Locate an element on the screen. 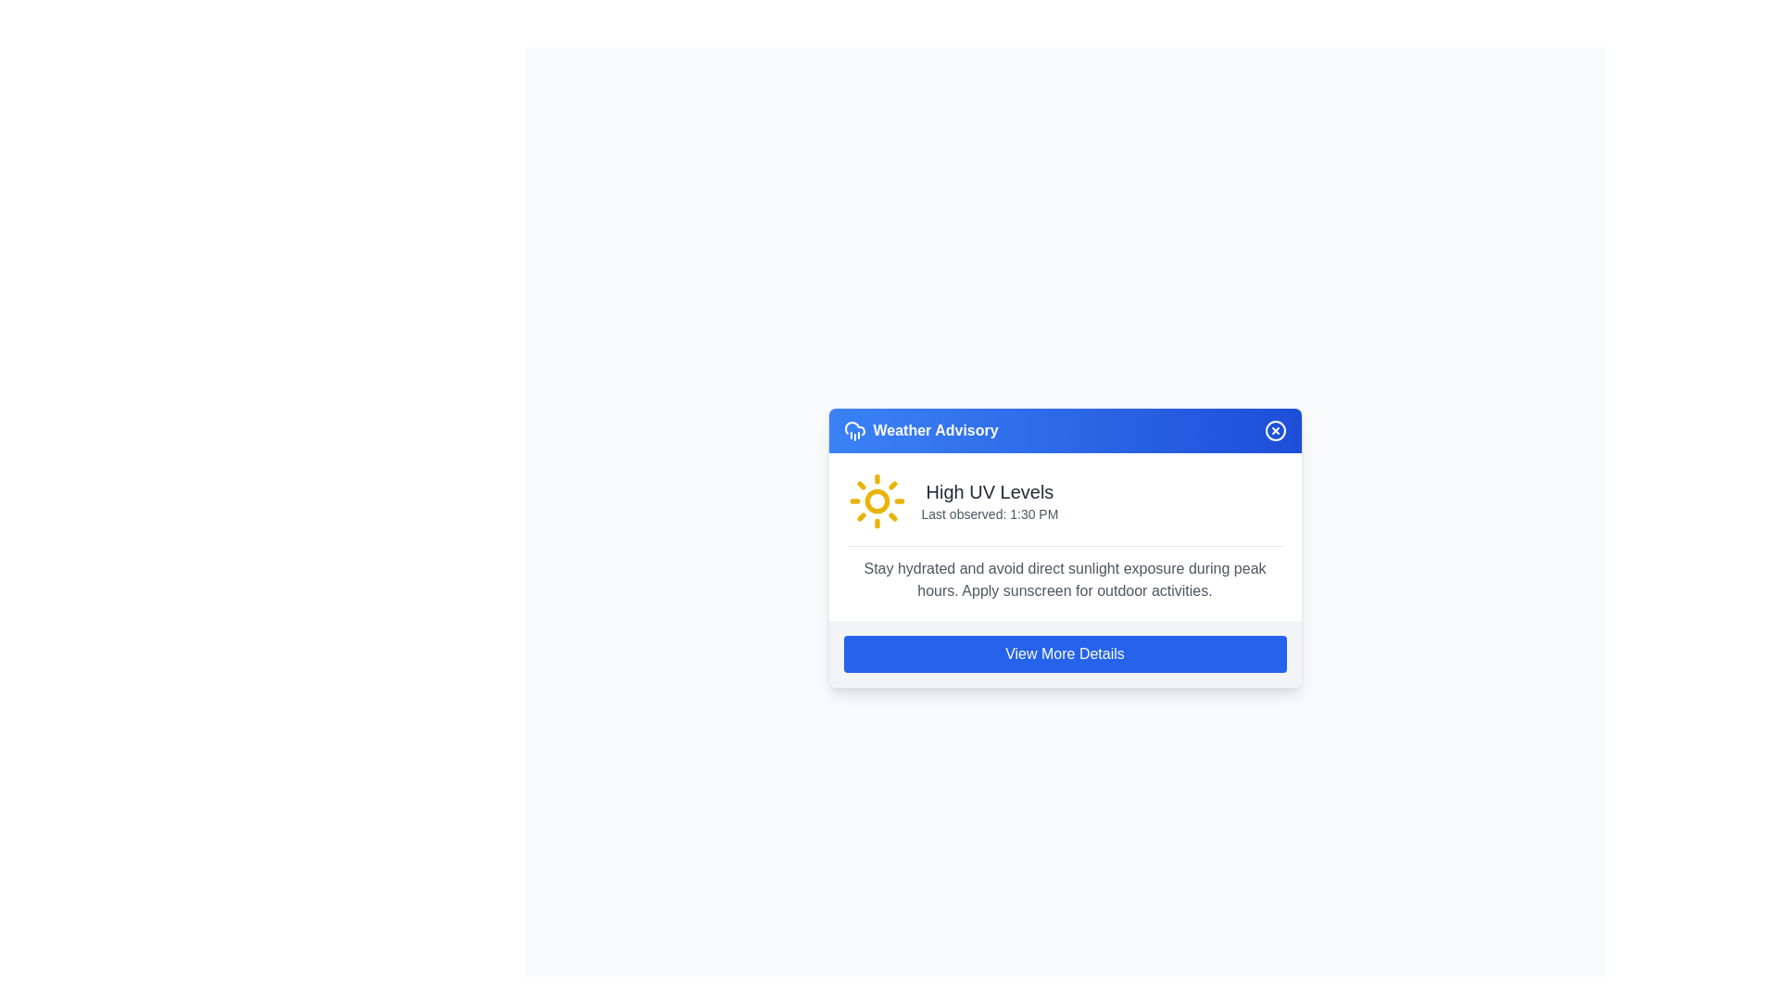  the small yellow circular shape that represents the center of the sun icon in the weather advisory dialog box is located at coordinates (876, 500).